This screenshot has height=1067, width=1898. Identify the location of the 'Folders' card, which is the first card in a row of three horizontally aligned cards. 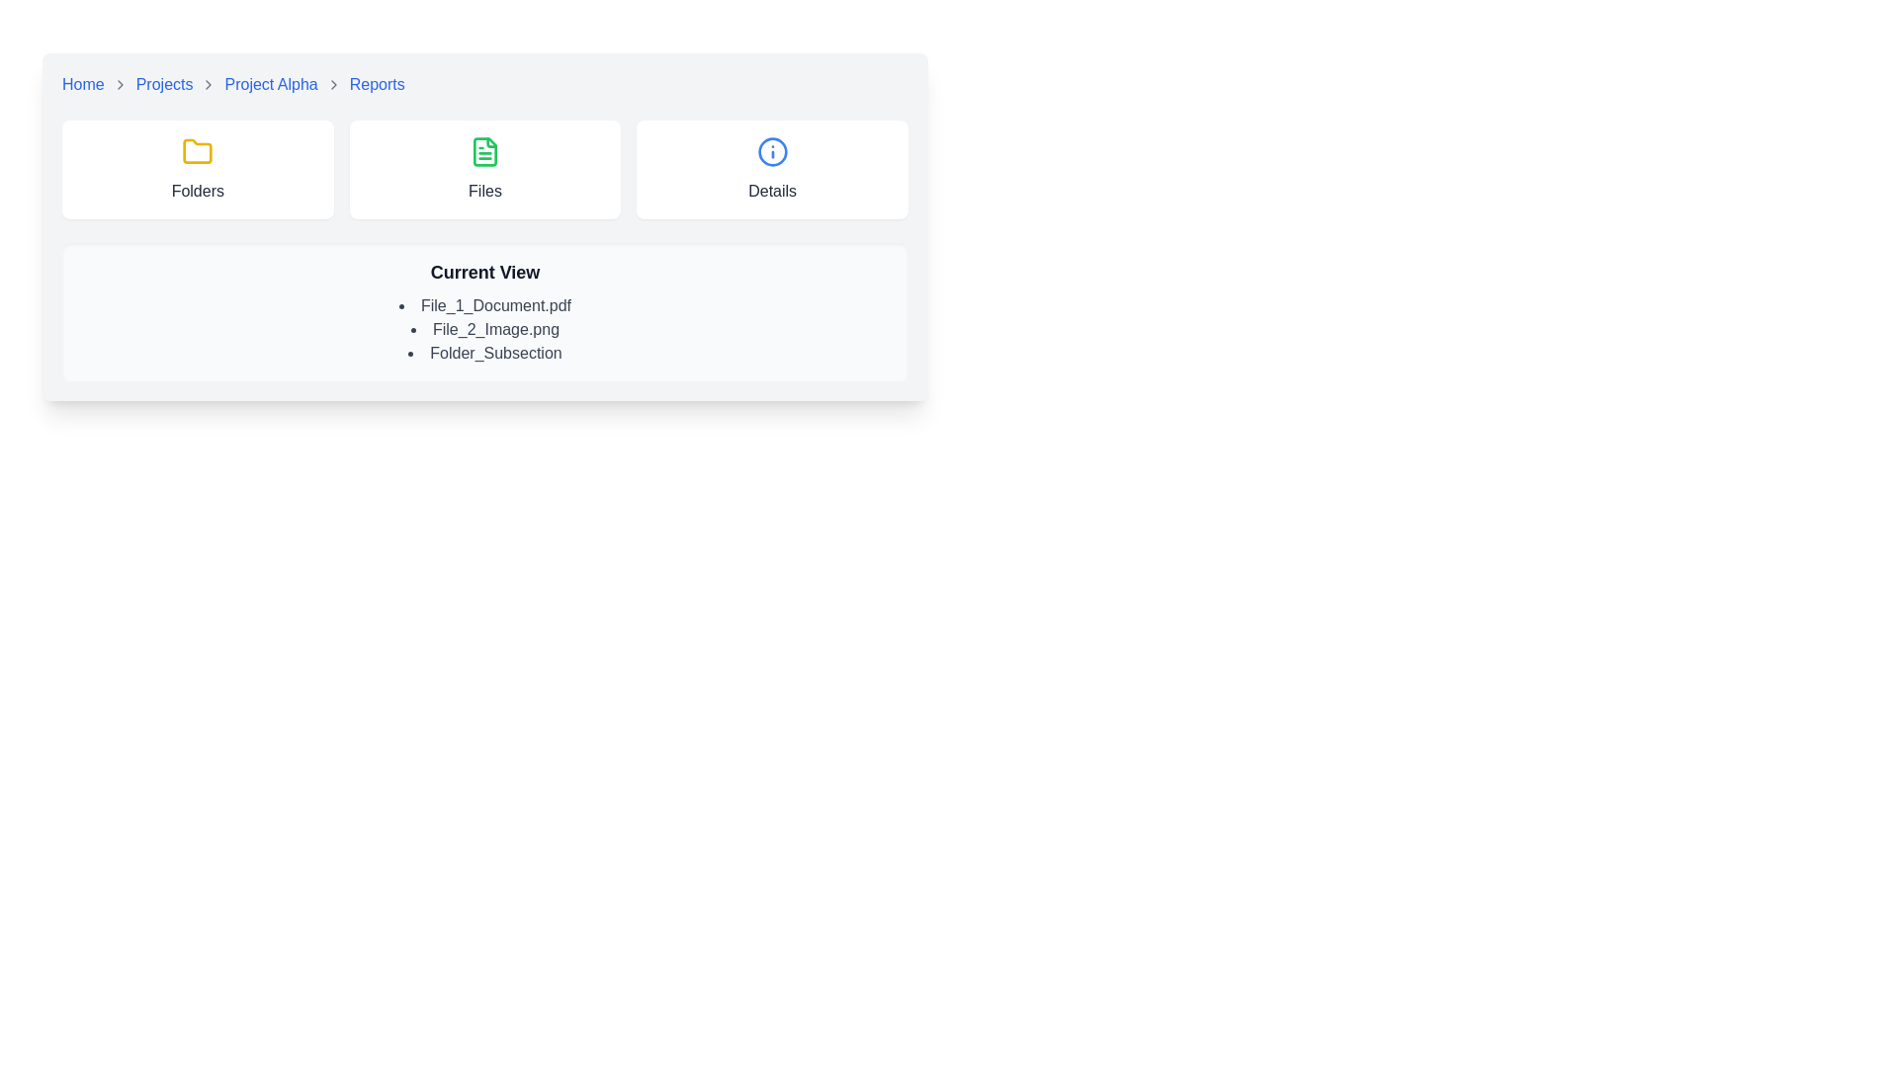
(198, 169).